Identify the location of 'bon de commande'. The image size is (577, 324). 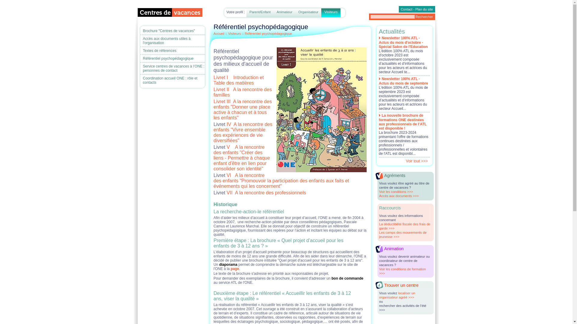
(347, 278).